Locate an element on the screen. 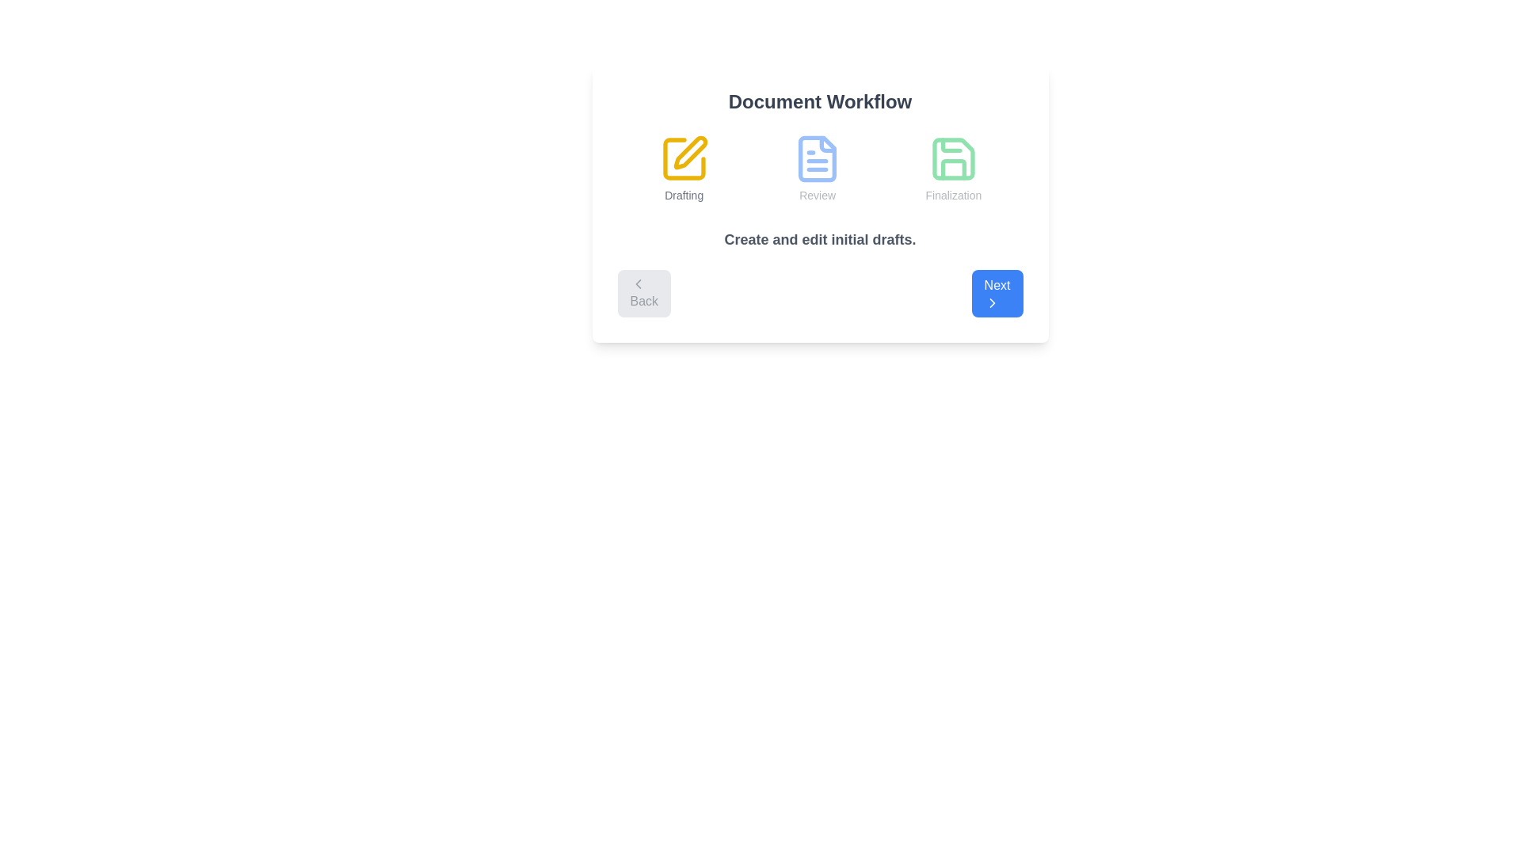 The image size is (1521, 855). the Text Label element that reads 'Finalization', which is located below the green save disk icon in the workflow interface is located at coordinates (952, 194).